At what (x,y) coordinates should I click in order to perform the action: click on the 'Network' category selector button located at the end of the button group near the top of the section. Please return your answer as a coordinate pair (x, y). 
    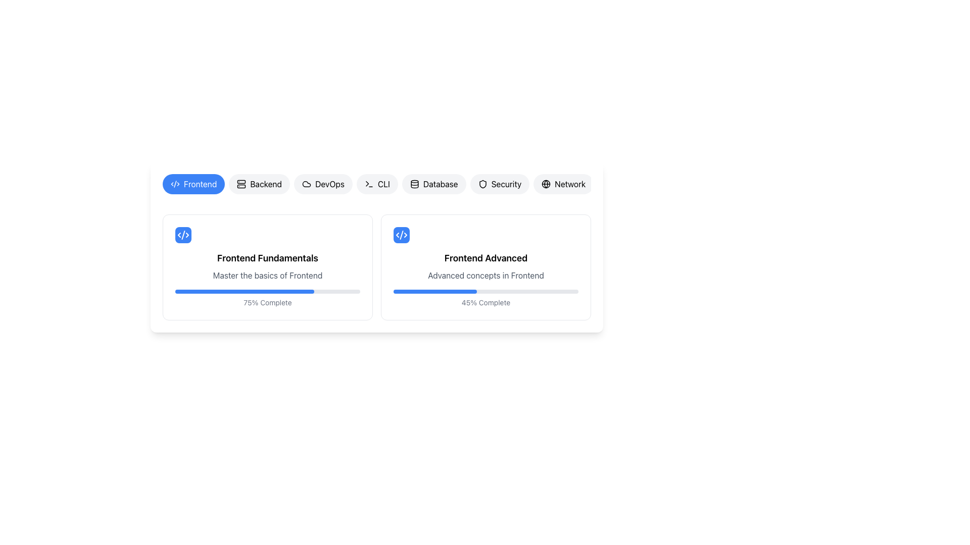
    Looking at the image, I should click on (563, 184).